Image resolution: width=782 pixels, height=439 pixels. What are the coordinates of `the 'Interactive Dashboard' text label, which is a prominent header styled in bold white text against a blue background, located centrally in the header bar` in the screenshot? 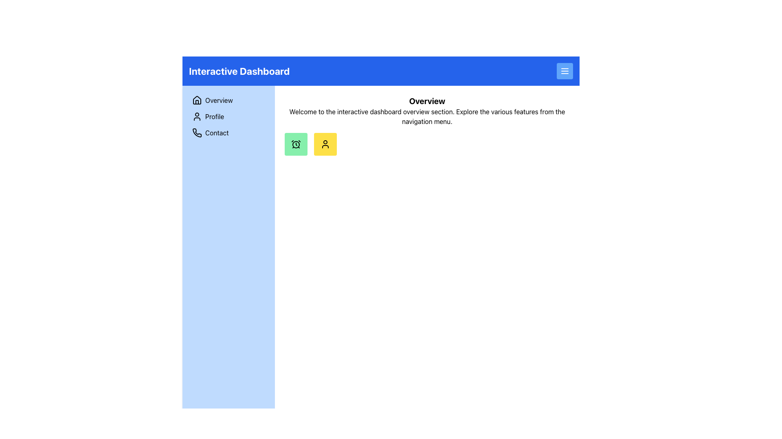 It's located at (239, 70).